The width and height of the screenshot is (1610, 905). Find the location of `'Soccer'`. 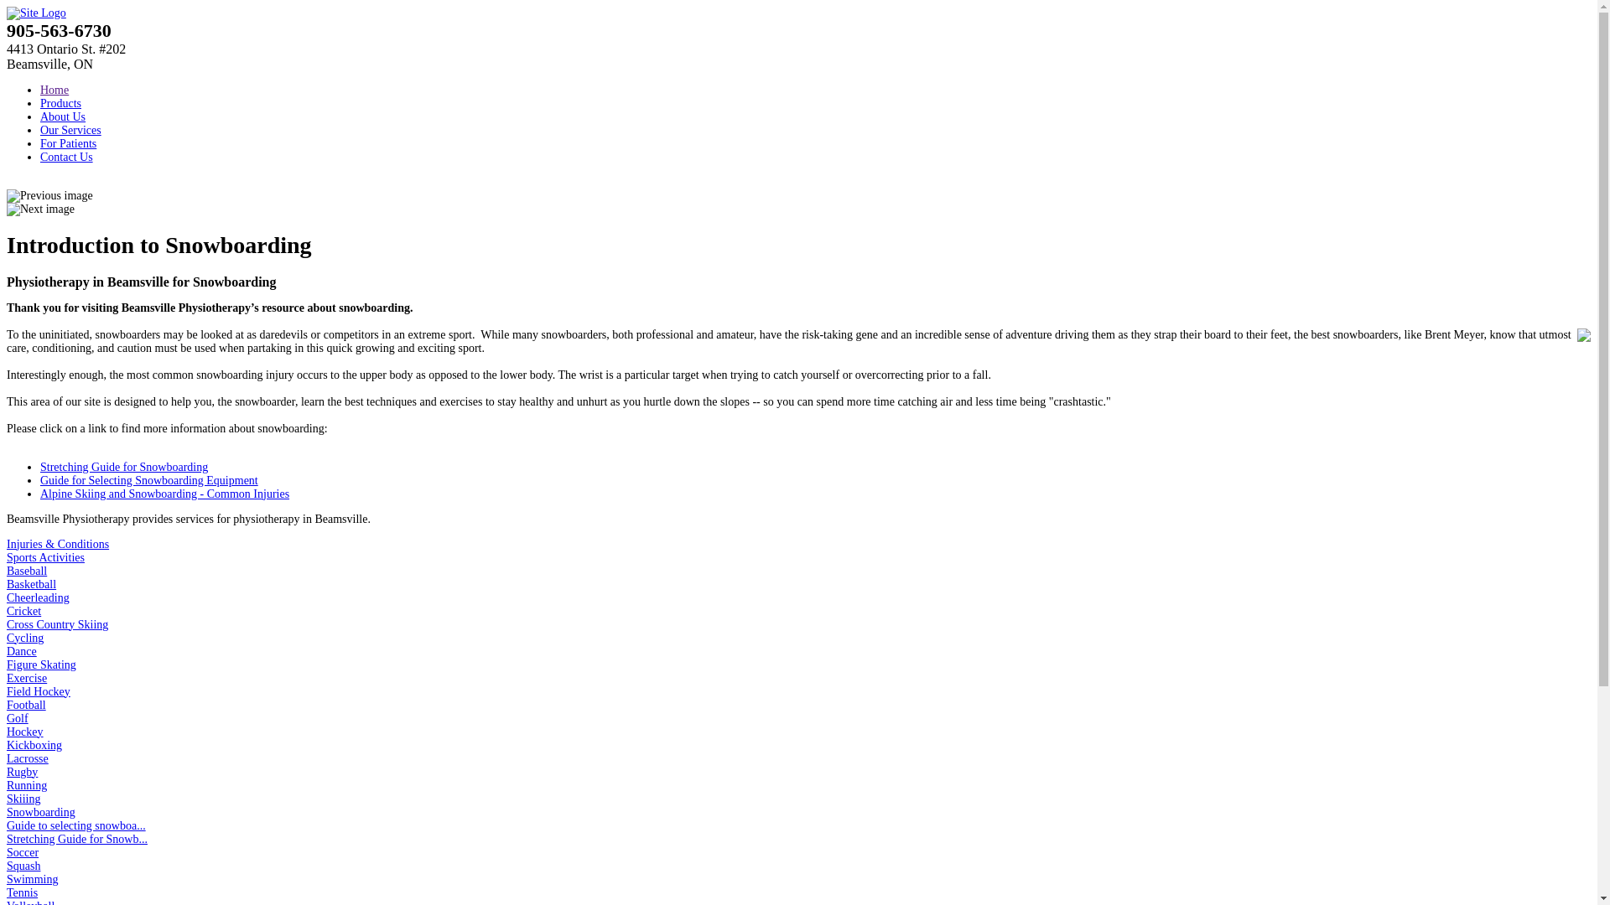

'Soccer' is located at coordinates (23, 852).